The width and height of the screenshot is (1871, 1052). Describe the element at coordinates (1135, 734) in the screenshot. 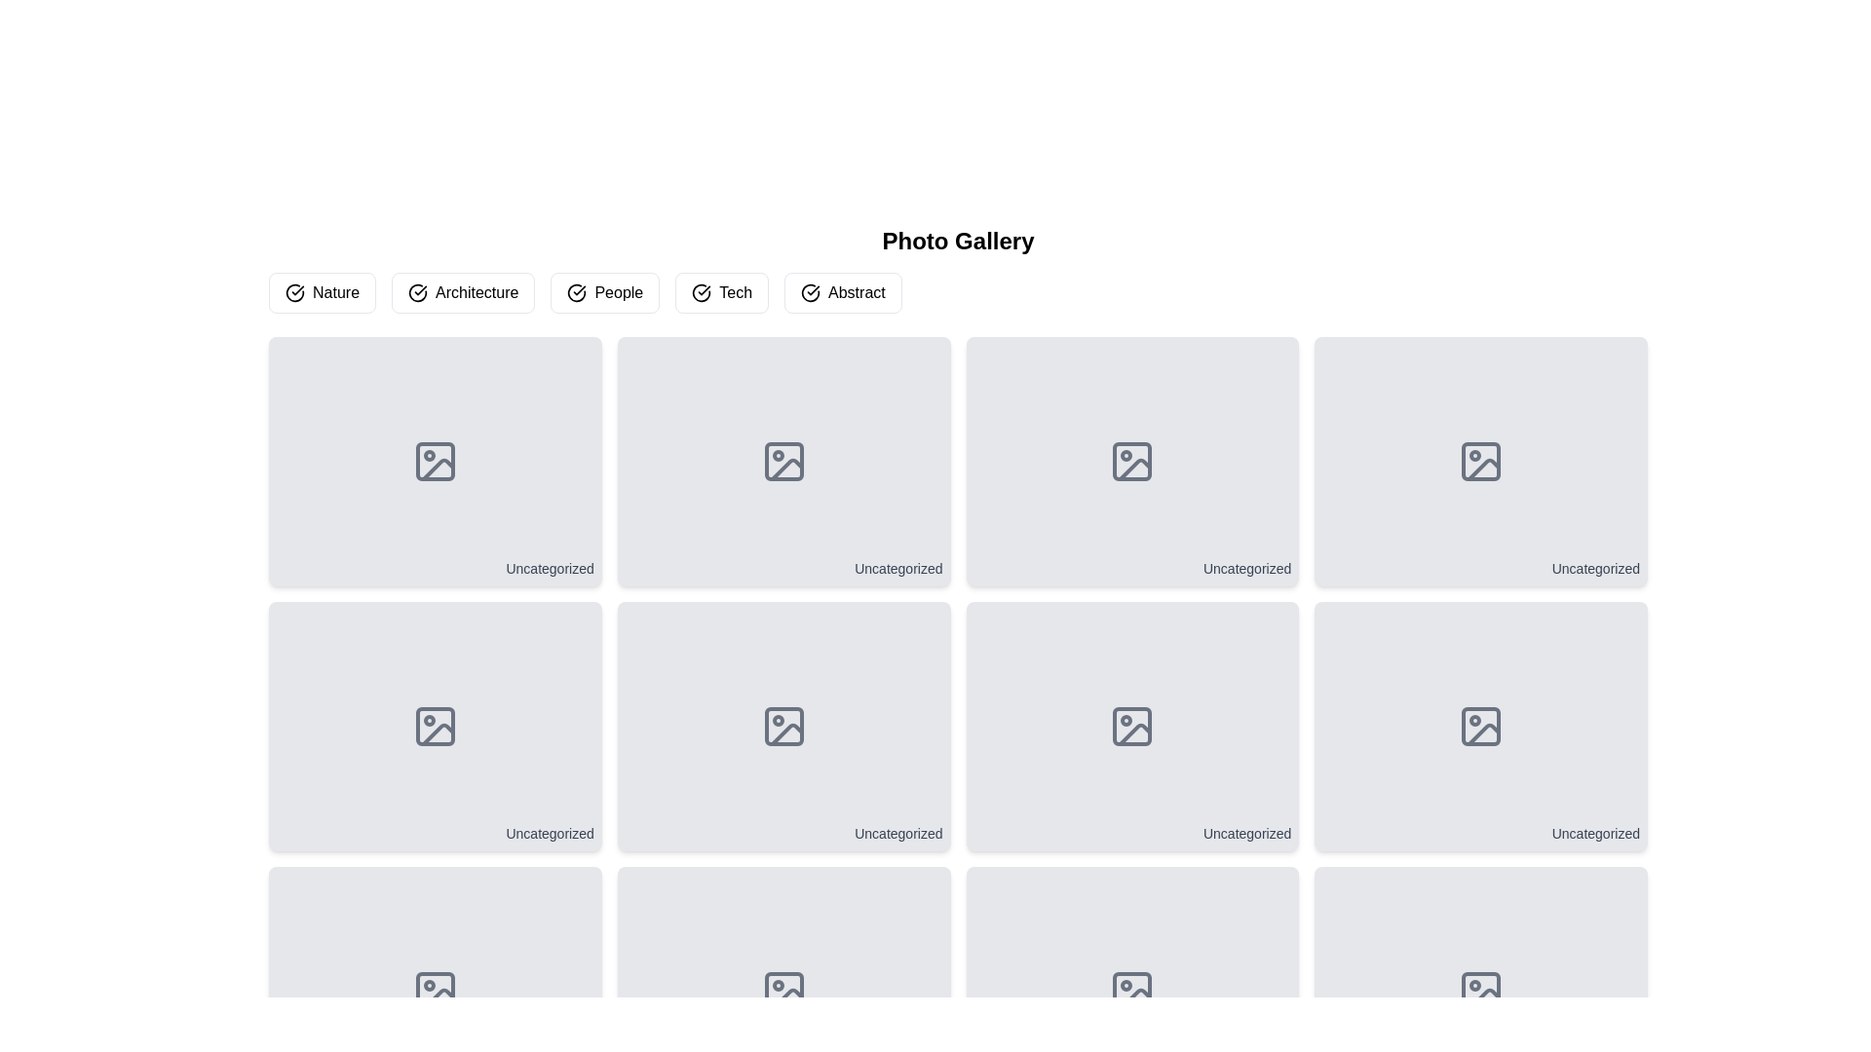

I see `vector graphic icon, which is a grayish square with rounded corners featuring a mountainous outline, located in the third column of the second row in a grid structure` at that location.